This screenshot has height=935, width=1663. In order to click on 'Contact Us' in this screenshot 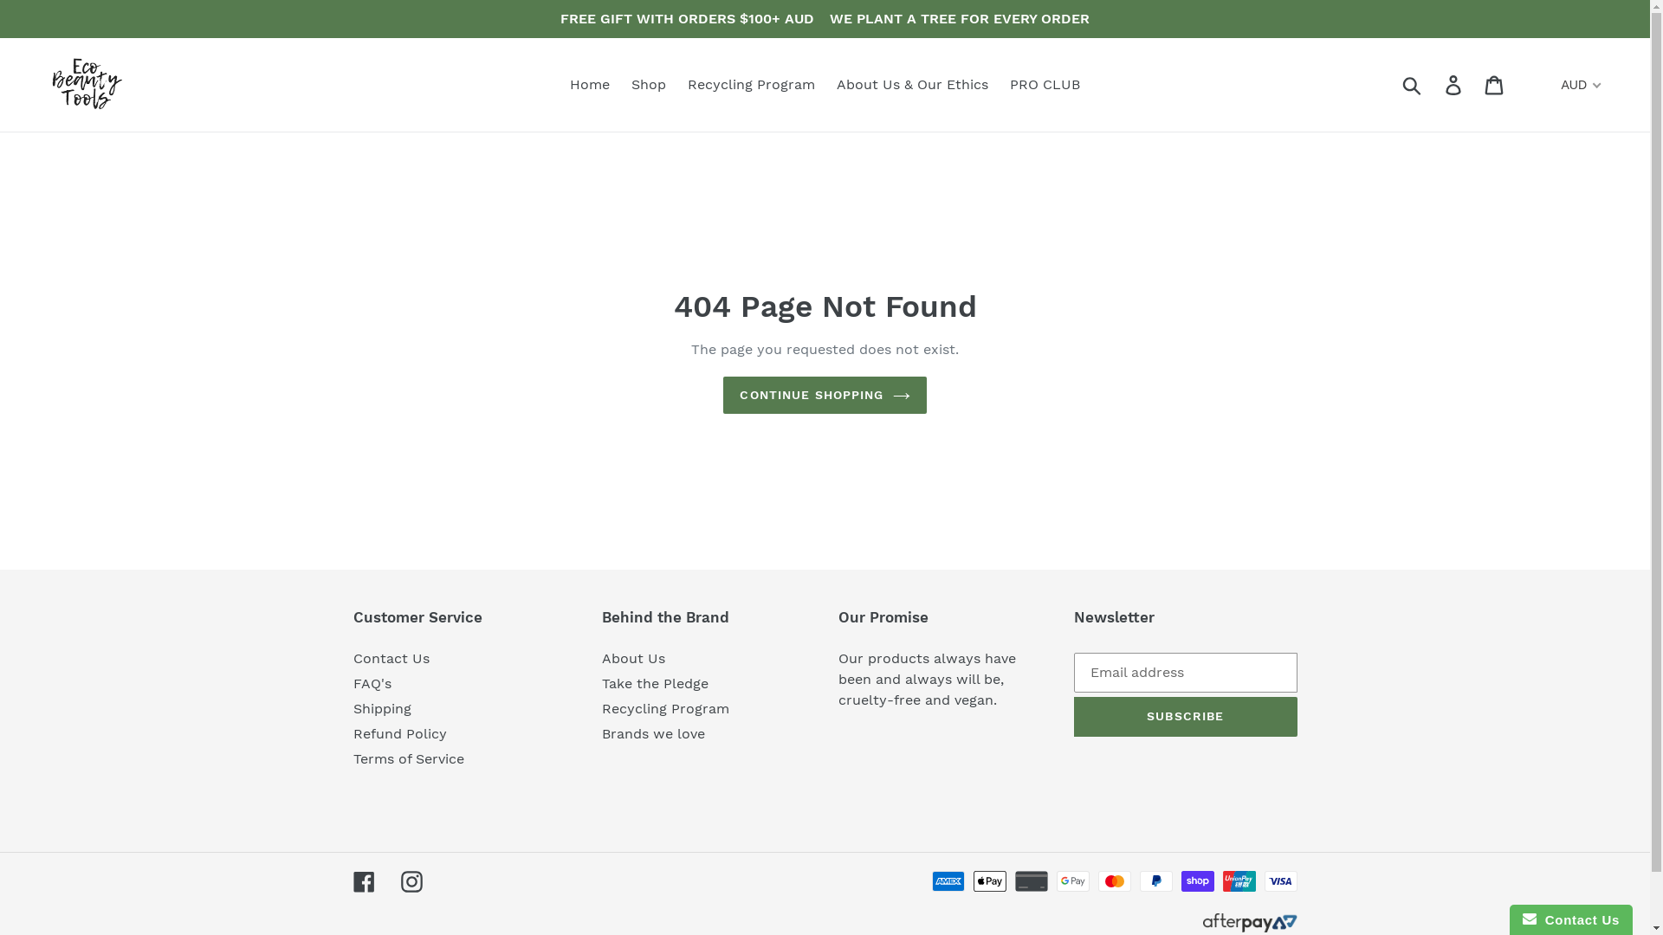, I will do `click(390, 658)`.